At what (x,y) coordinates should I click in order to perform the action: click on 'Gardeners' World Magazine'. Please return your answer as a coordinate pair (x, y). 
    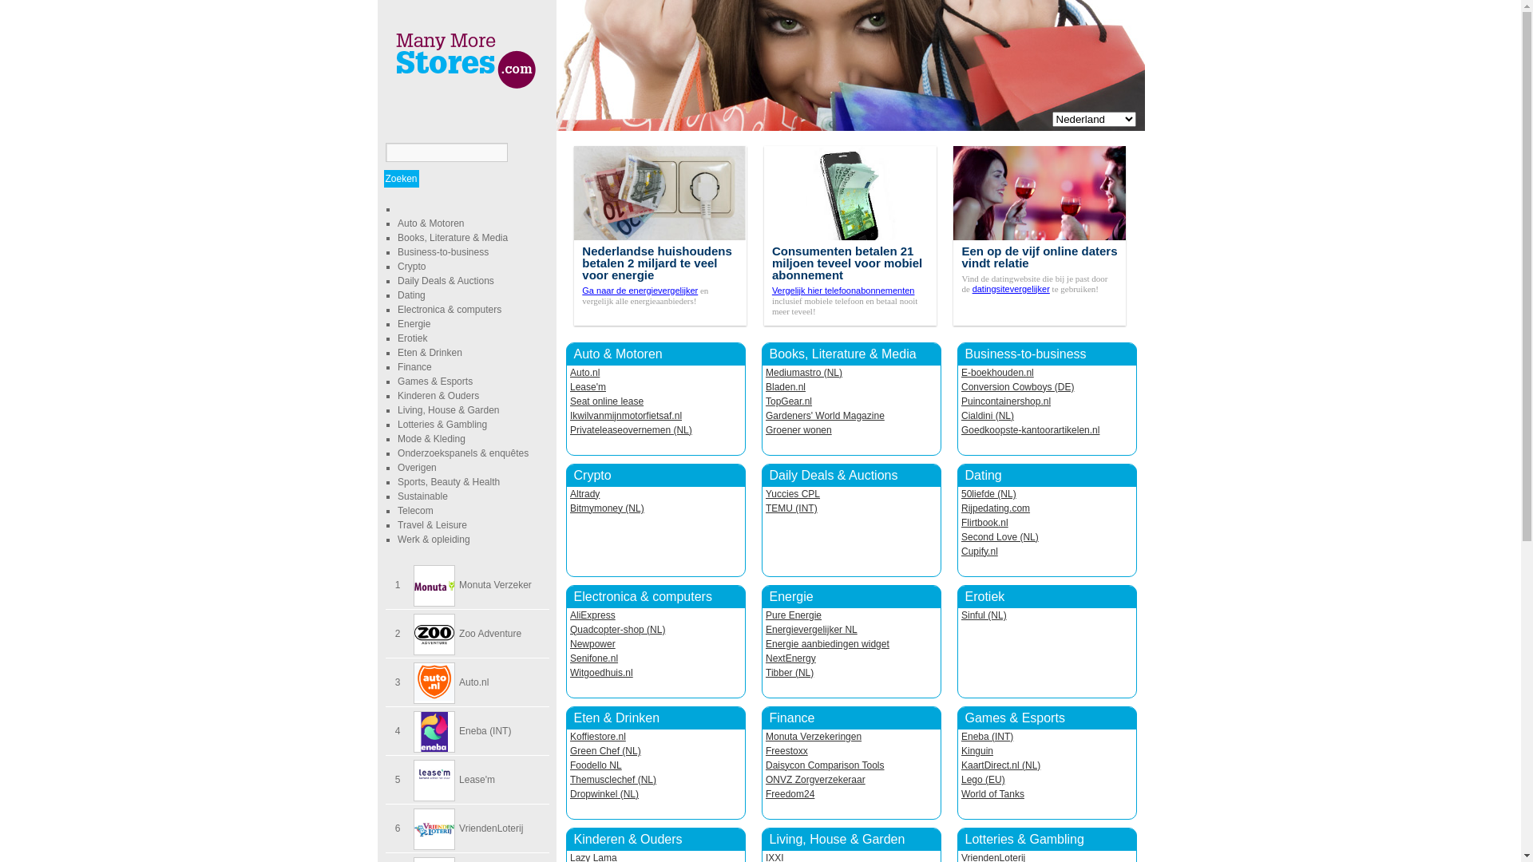
    Looking at the image, I should click on (825, 414).